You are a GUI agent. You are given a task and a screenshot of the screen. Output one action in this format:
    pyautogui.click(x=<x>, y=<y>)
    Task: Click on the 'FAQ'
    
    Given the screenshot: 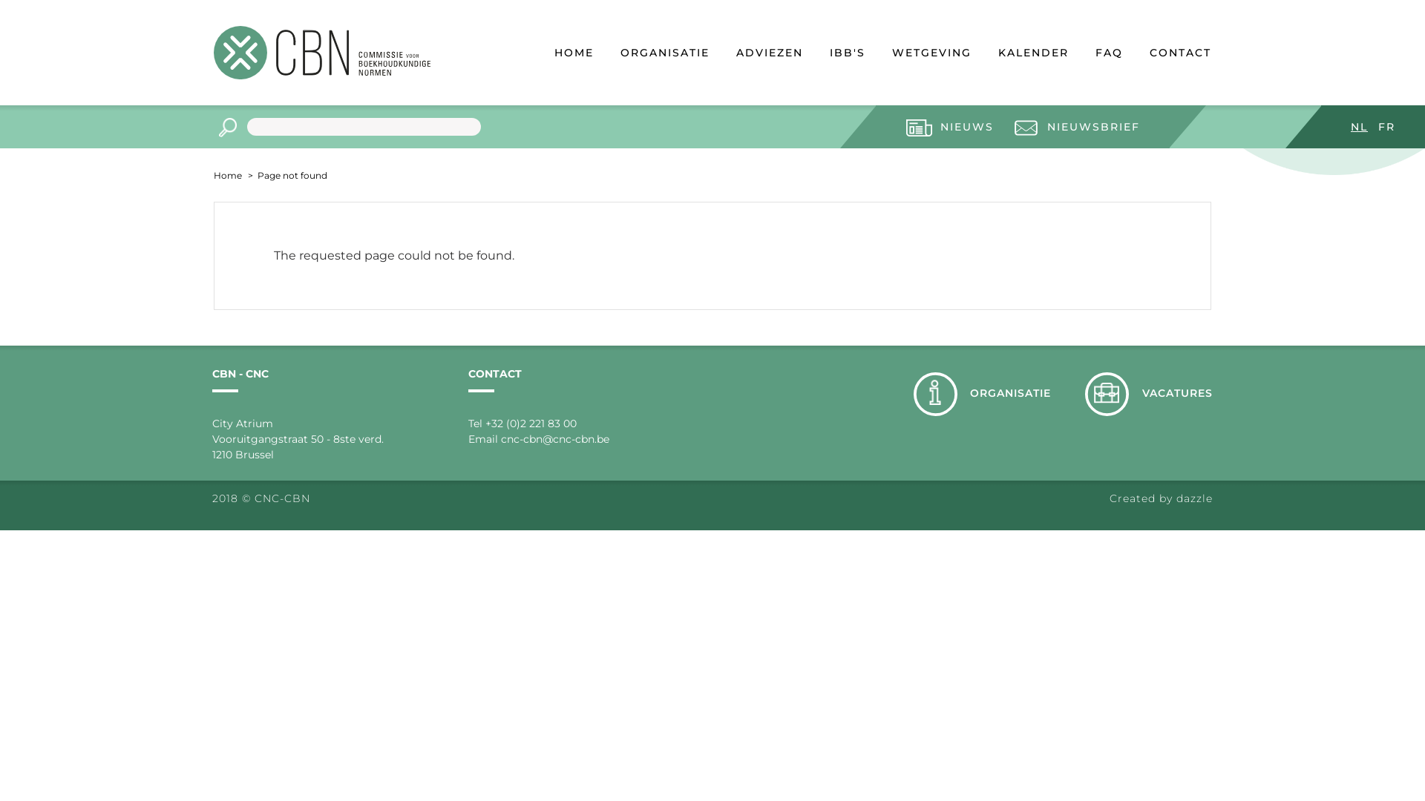 What is the action you would take?
    pyautogui.click(x=1109, y=53)
    